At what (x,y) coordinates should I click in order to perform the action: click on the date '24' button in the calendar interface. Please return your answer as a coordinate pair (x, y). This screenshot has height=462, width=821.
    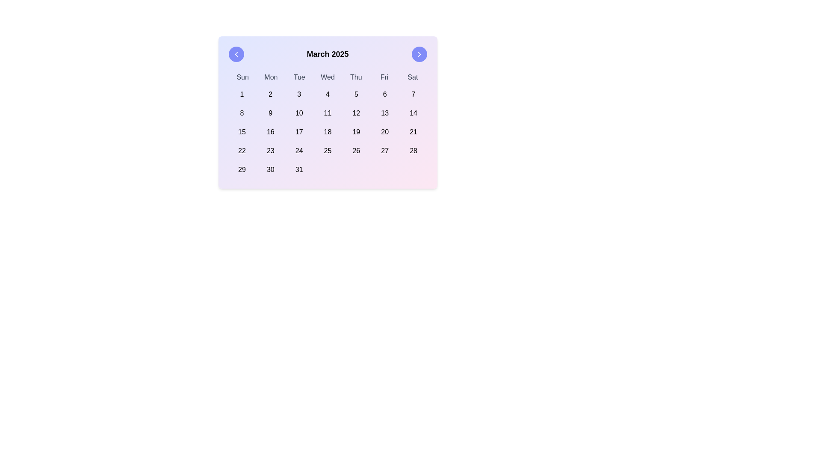
    Looking at the image, I should click on (299, 151).